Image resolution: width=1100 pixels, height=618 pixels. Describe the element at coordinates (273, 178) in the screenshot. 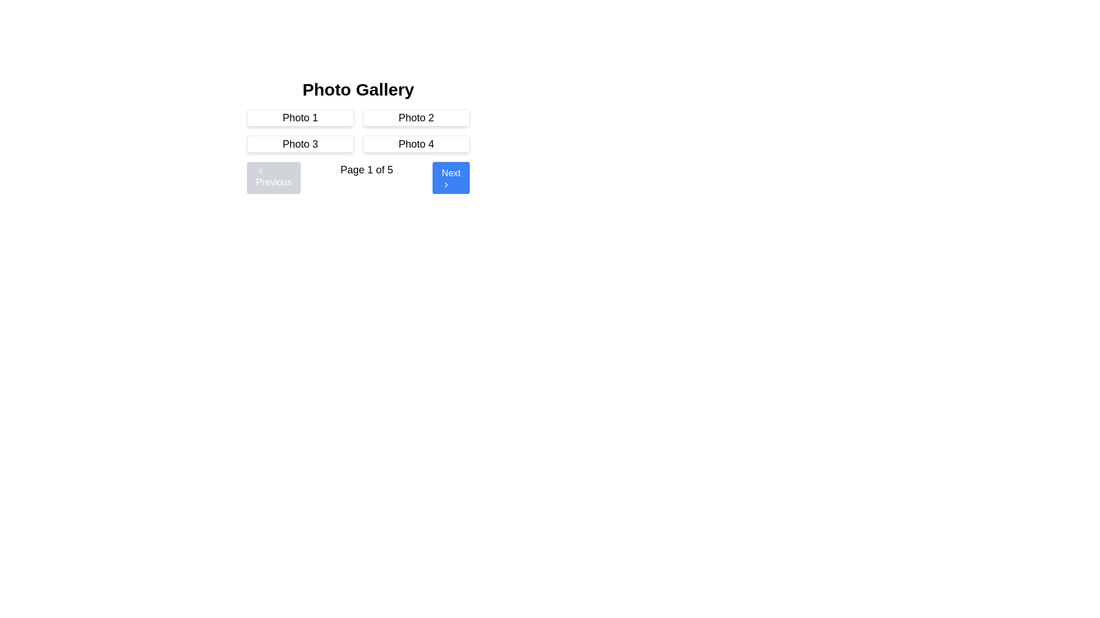

I see `the 'Previous' button located in the pagination control of the photo gallery` at that location.